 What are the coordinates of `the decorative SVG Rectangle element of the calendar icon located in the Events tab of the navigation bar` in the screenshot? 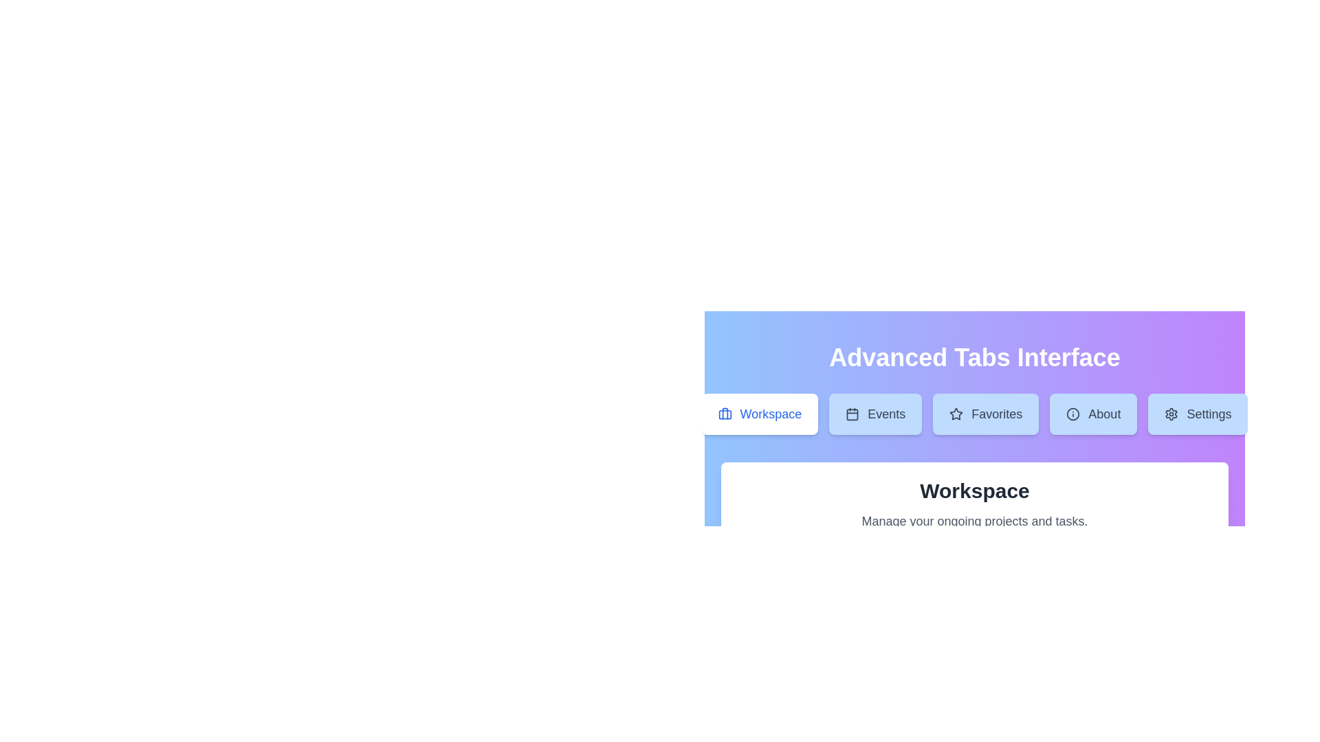 It's located at (852, 414).